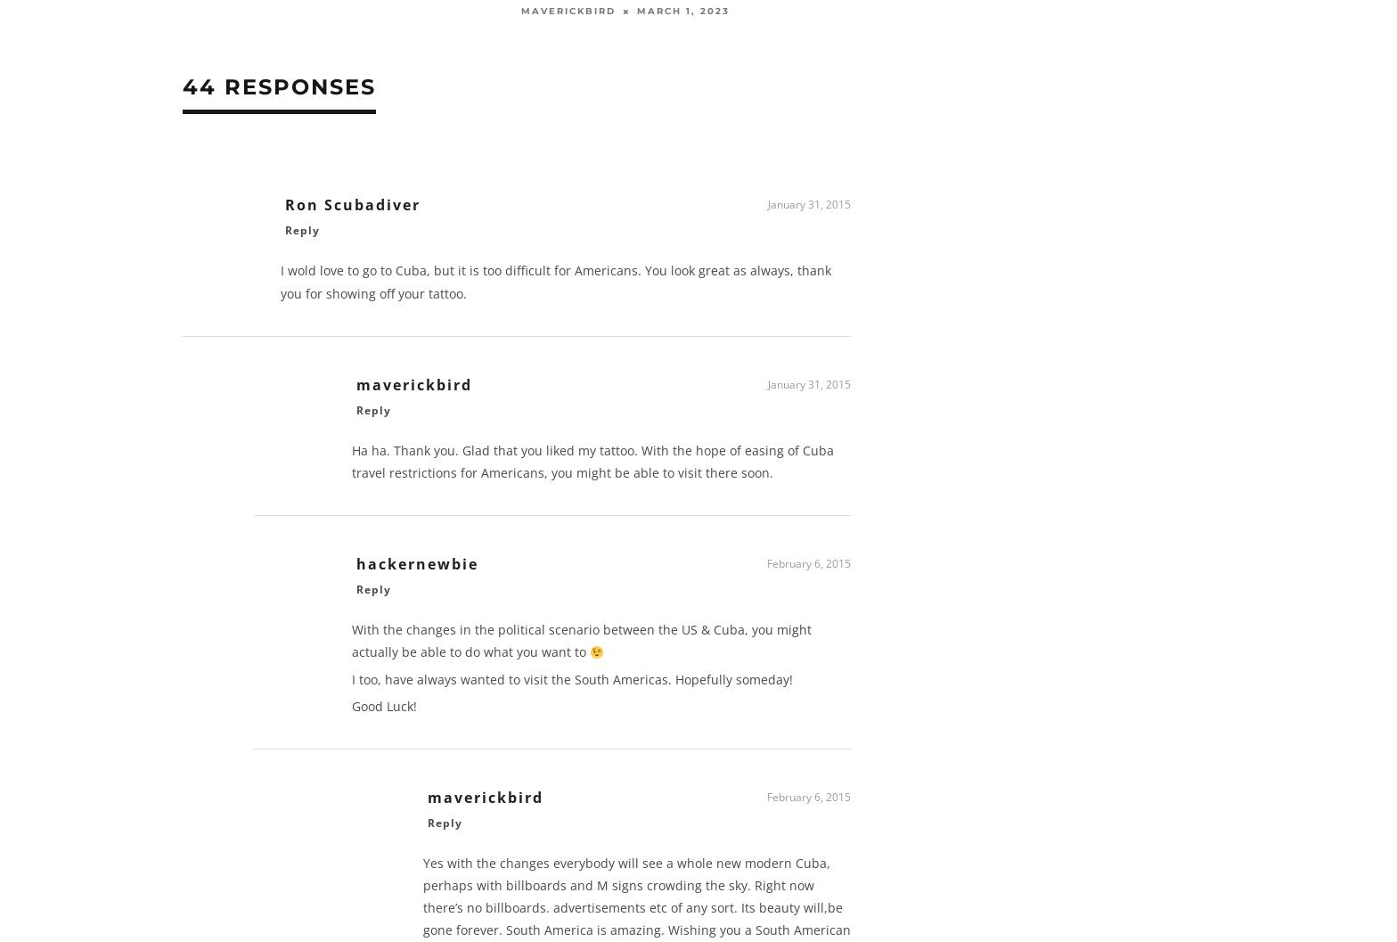 Image resolution: width=1397 pixels, height=942 pixels. What do you see at coordinates (592, 468) in the screenshot?
I see `'Ha ha. Thank you. Glad that you liked my tattoo. With the hope of easing of Cuba travel restrictions for Americans, you might be able to visit there soon.'` at bounding box center [592, 468].